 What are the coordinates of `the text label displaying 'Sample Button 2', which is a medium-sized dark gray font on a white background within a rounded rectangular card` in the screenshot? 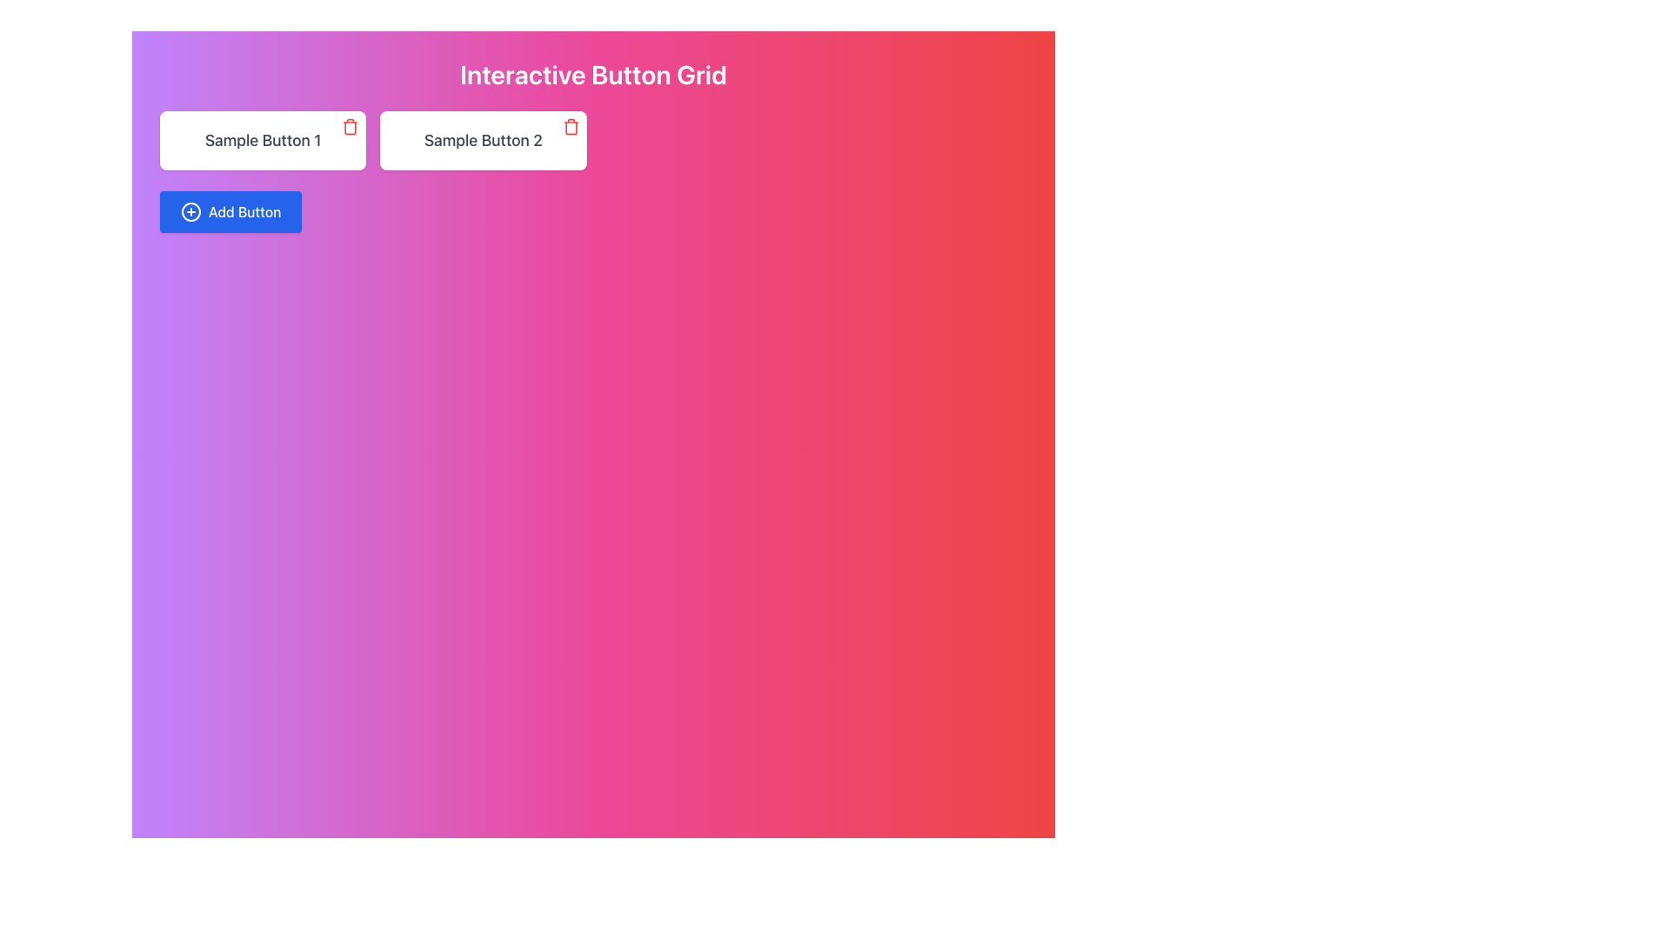 It's located at (483, 139).